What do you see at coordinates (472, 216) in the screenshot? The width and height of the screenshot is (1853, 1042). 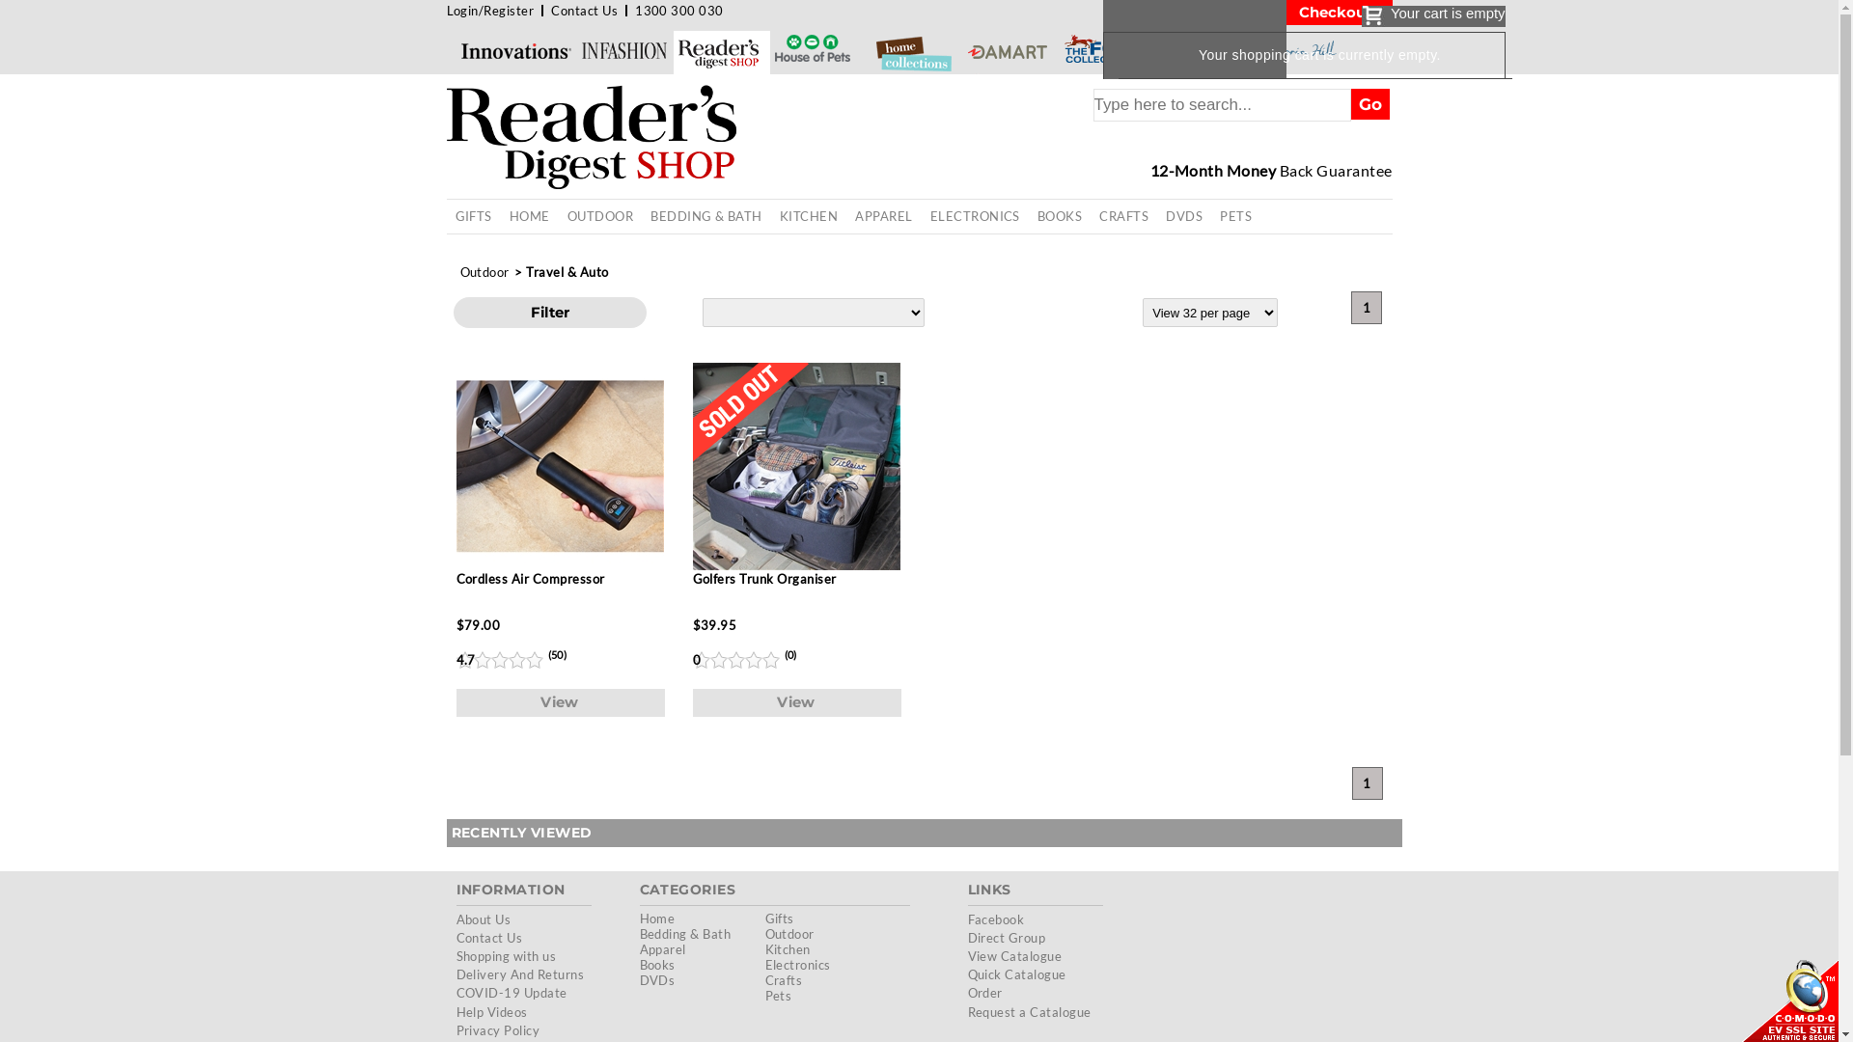 I see `'GIFTS'` at bounding box center [472, 216].